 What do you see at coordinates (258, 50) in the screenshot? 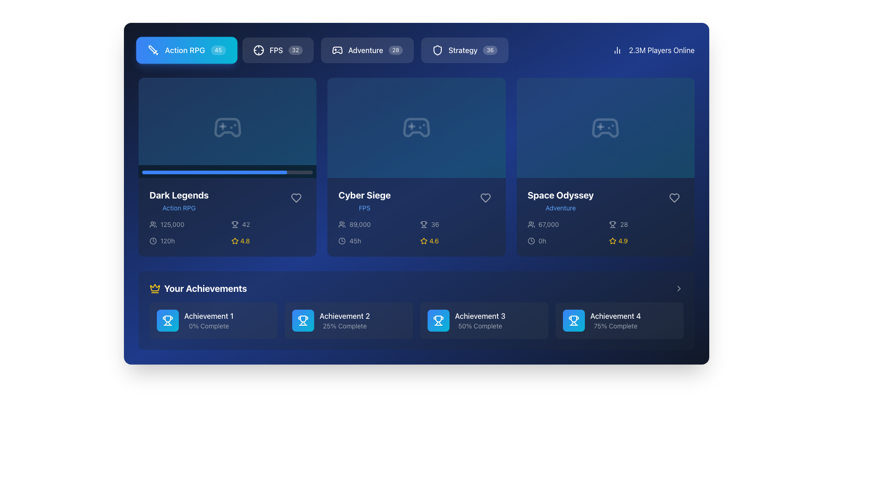
I see `the button surrounding the FPS icon` at bounding box center [258, 50].